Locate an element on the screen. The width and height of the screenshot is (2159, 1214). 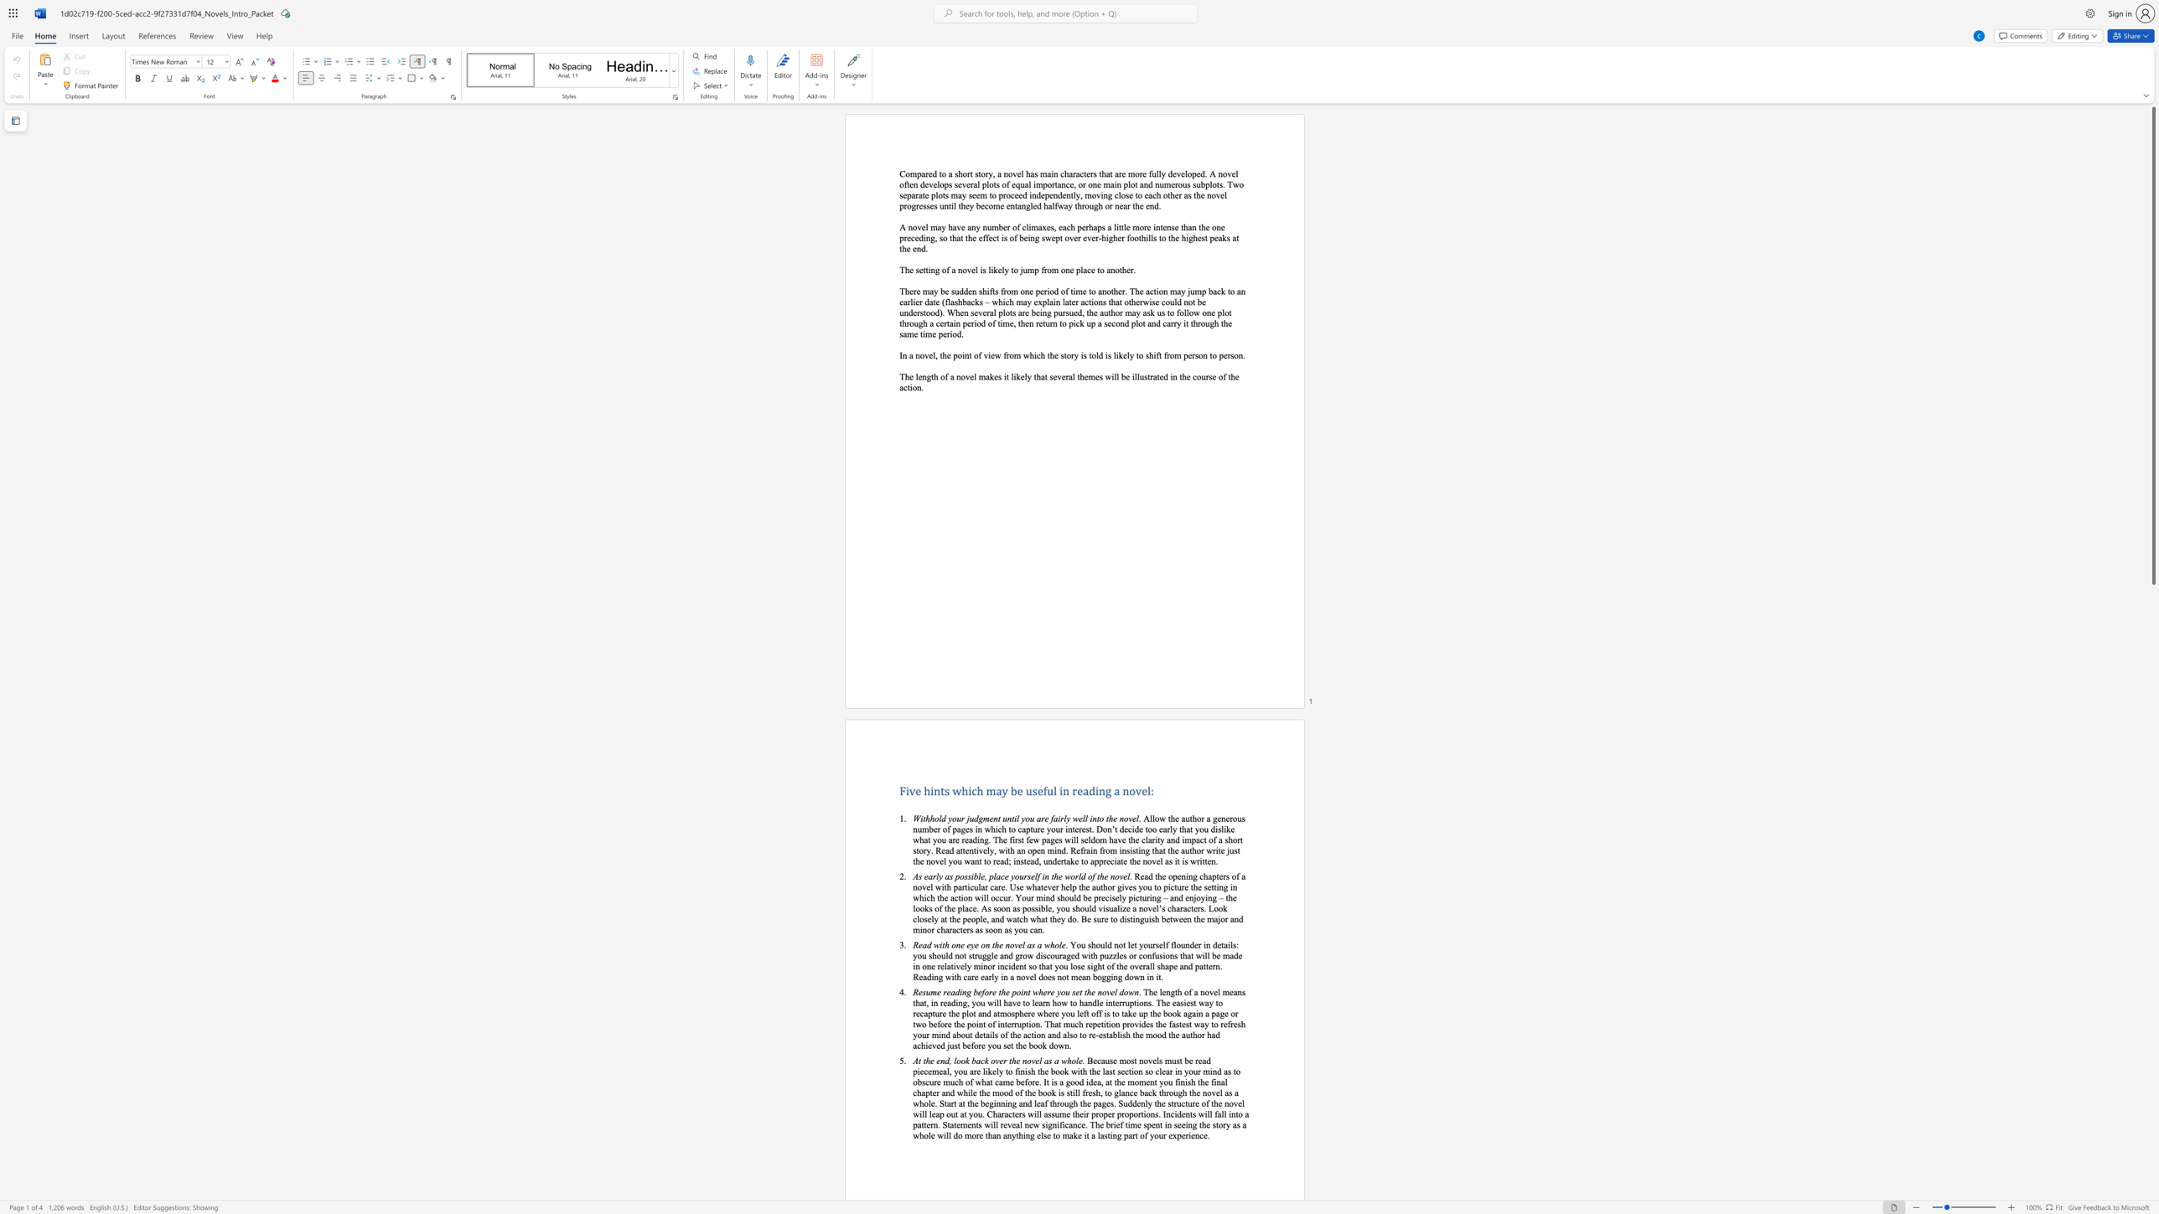
the subset text "at, in reading, you will have to learn how to handle interruptions. The easiest way to recapture the plot and atmosphere where you left off is to take up the book again a page or two before the point of interruption. That" within the text ". The length of a novel means that, in reading, you will have to learn how to handle interruptions. The easiest way to recapture the plot and atmosphere where you left off is to take up the book again a page or two before the point of interruption. That much repetition provides the fastest way to refresh your mind about details of the action and also to re-establish the mood the author had achieved just before you set the book down." is located at coordinates (919, 1001).